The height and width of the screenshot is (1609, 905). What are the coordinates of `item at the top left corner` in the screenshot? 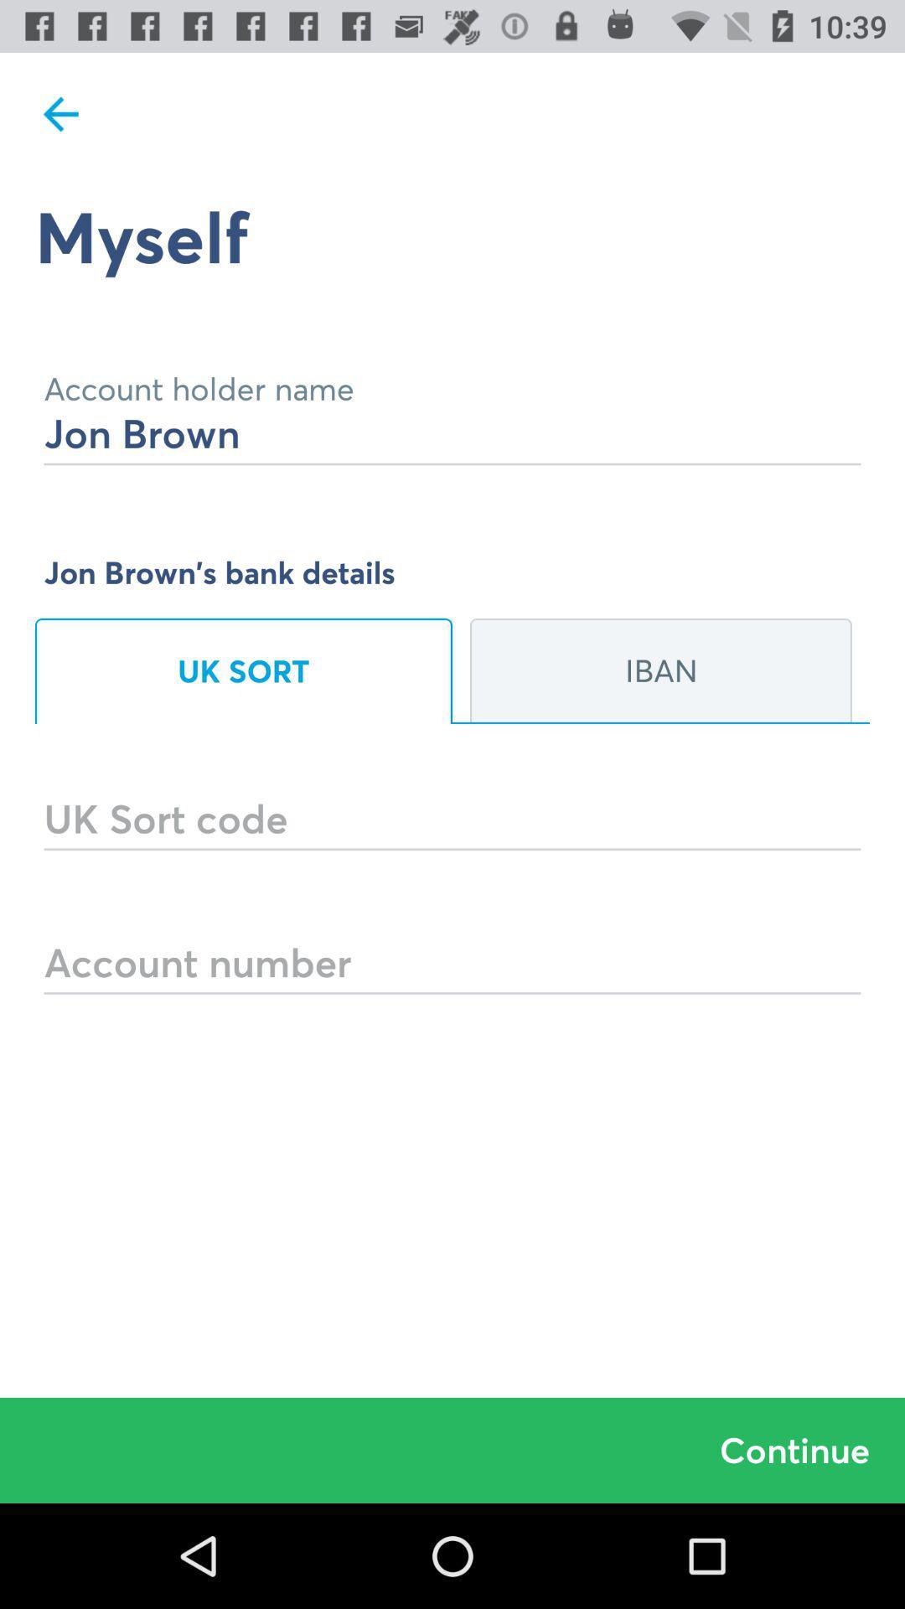 It's located at (60, 113).